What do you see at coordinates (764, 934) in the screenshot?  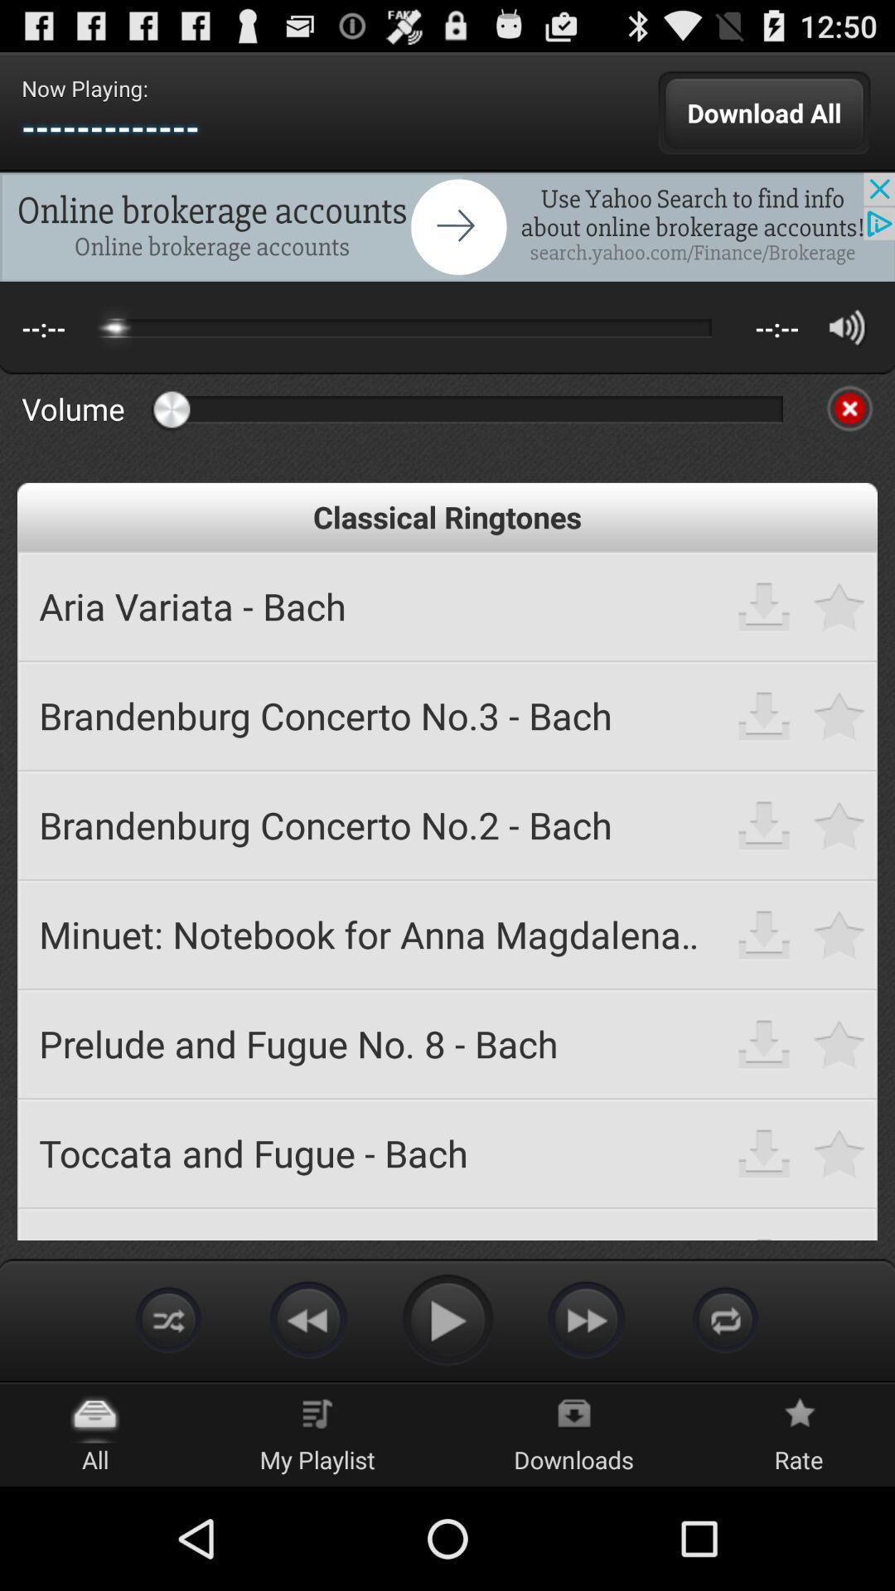 I see `download` at bounding box center [764, 934].